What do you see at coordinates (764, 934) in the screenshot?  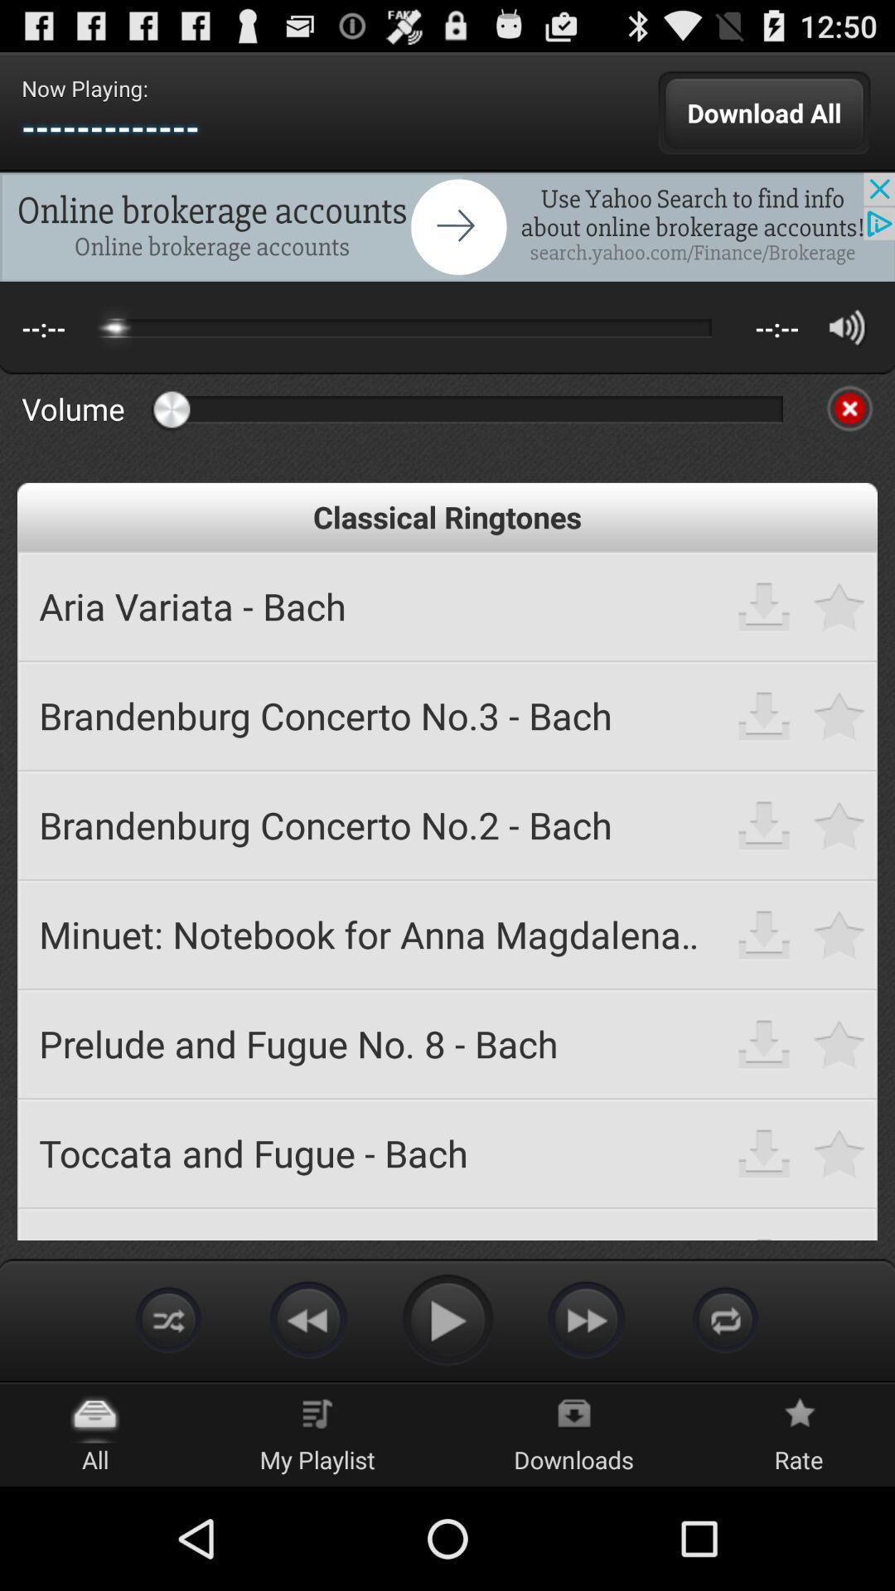 I see `download` at bounding box center [764, 934].